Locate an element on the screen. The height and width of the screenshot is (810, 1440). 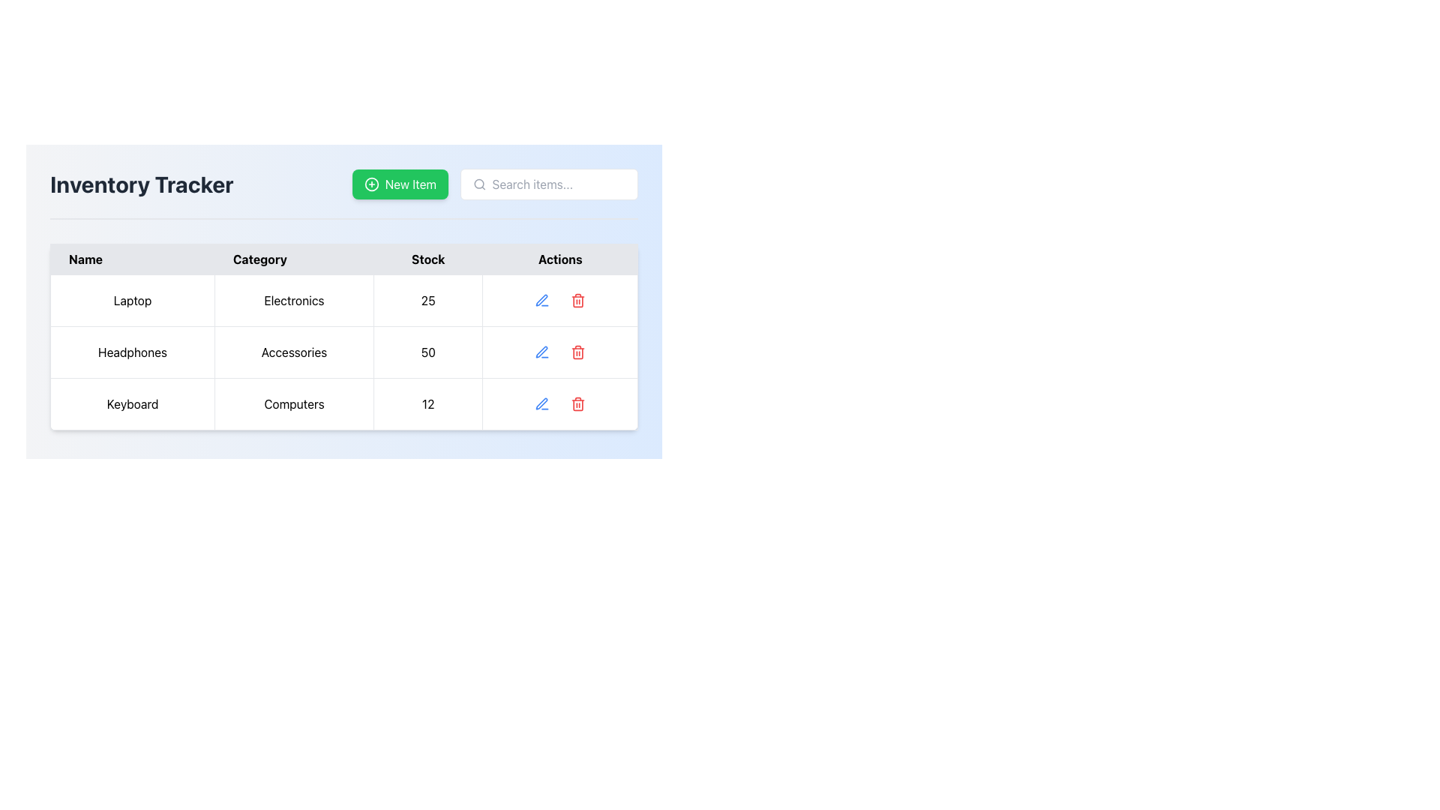
the delete button located in the 'Actions' column of the second row in the data table, positioned to the right of the blue pencil icon is located at coordinates (577, 352).